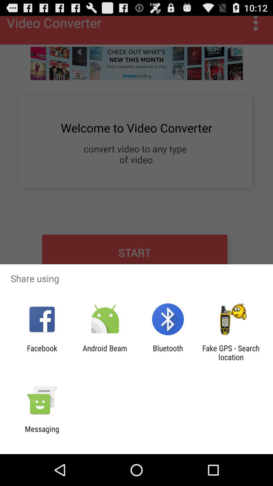 The image size is (273, 486). I want to click on the messaging app, so click(42, 433).